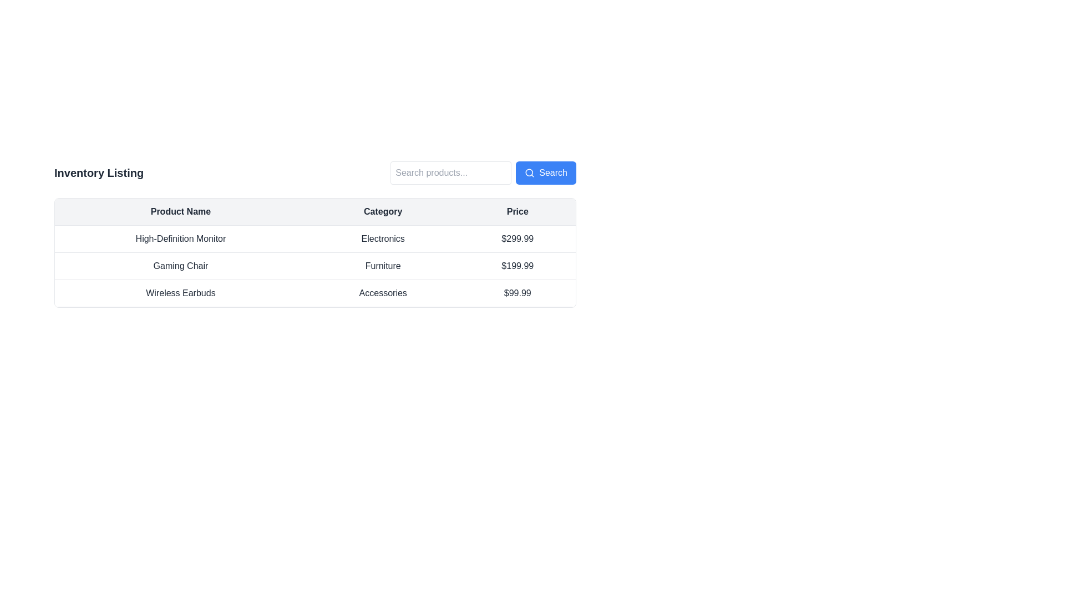 The width and height of the screenshot is (1065, 599). What do you see at coordinates (181, 238) in the screenshot?
I see `the product name text label in the first column of the inventory listing to read its content` at bounding box center [181, 238].